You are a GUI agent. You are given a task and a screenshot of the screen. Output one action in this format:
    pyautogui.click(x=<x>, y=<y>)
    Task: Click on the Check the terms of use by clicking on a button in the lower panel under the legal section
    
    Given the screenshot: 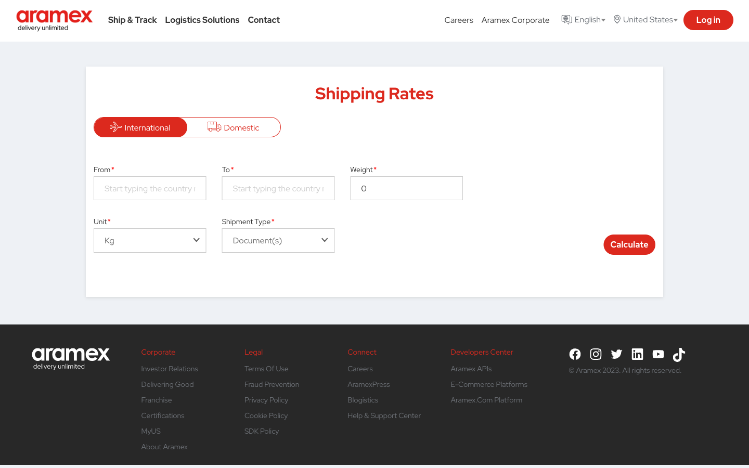 What is the action you would take?
    pyautogui.click(x=266, y=368)
    